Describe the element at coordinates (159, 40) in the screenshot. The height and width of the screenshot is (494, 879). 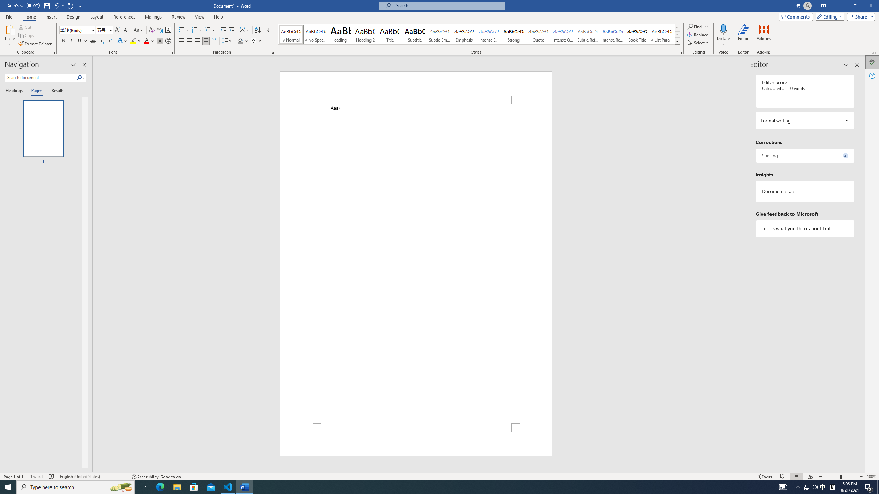
I see `'Character Shading'` at that location.